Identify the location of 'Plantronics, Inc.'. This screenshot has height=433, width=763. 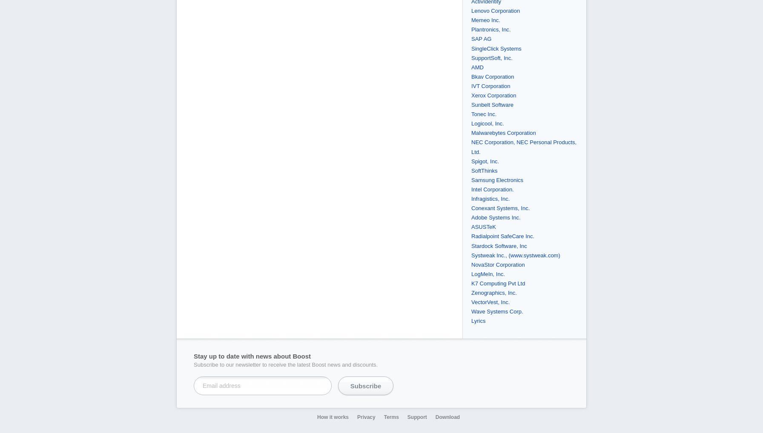
(490, 29).